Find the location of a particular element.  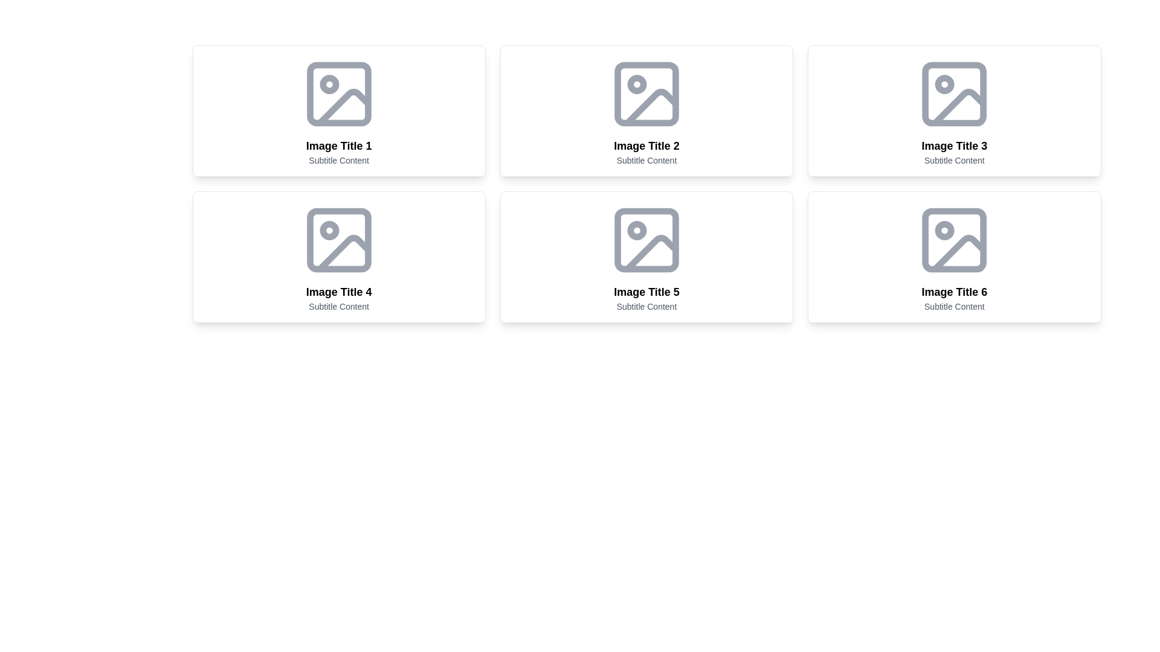

the decorative Circle element within the third image placeholder of the card titled 'Image Title 3' is located at coordinates (944, 83).